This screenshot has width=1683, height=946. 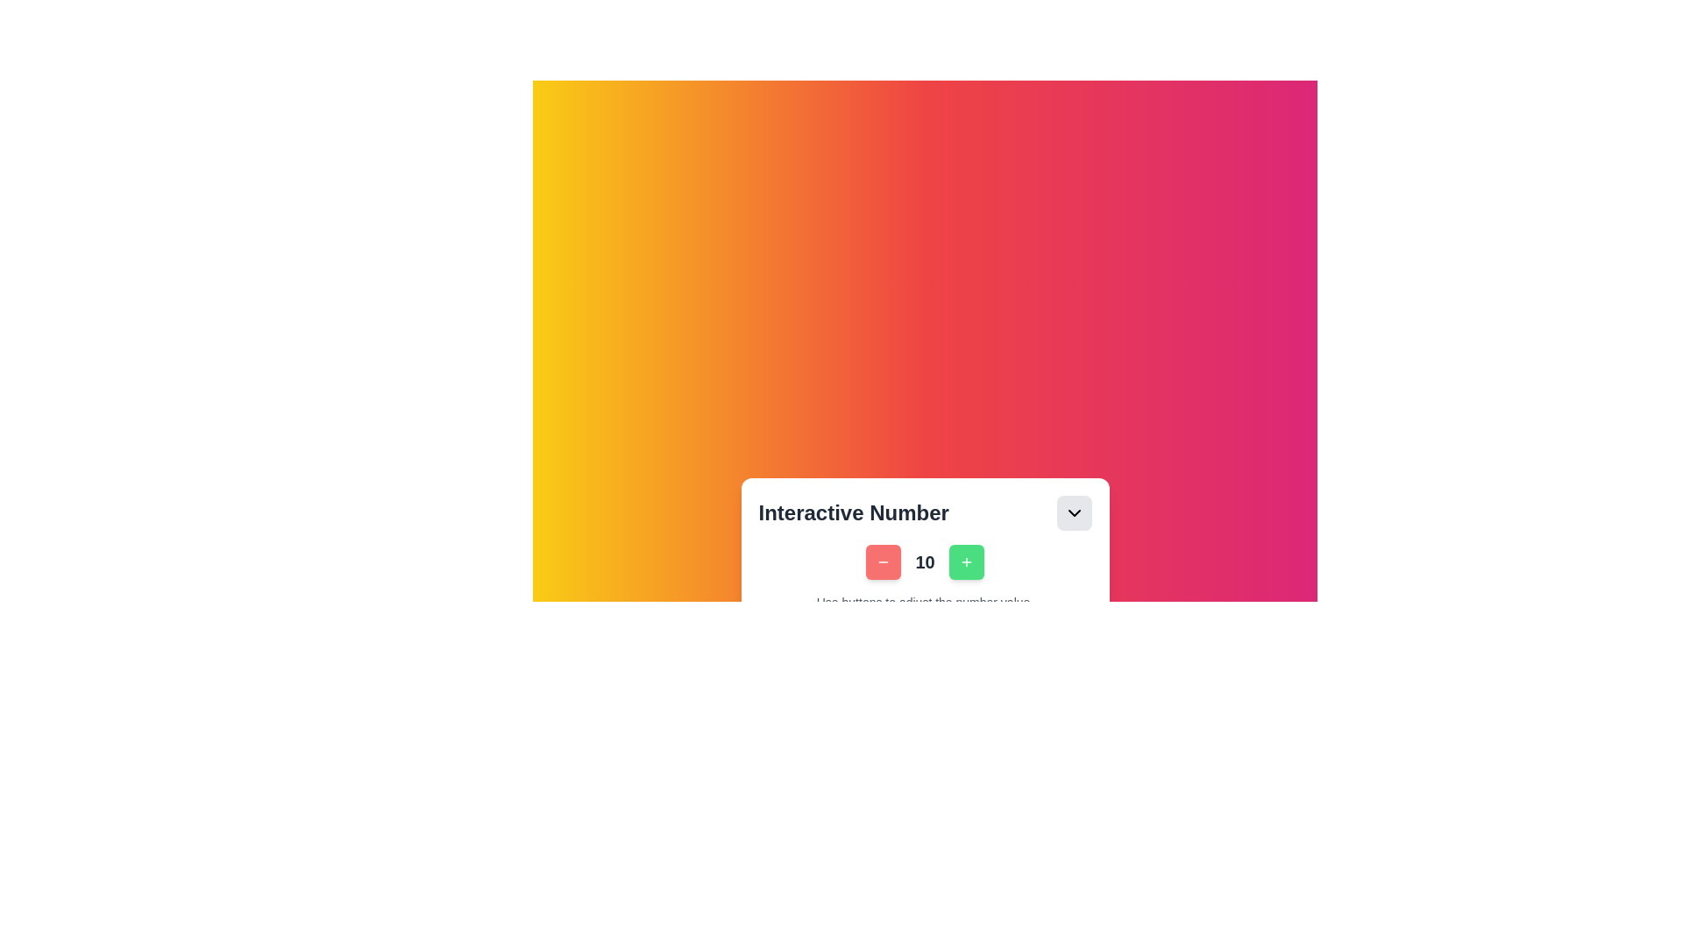 What do you see at coordinates (884, 561) in the screenshot?
I see `the leftmost Decrement Button` at bounding box center [884, 561].